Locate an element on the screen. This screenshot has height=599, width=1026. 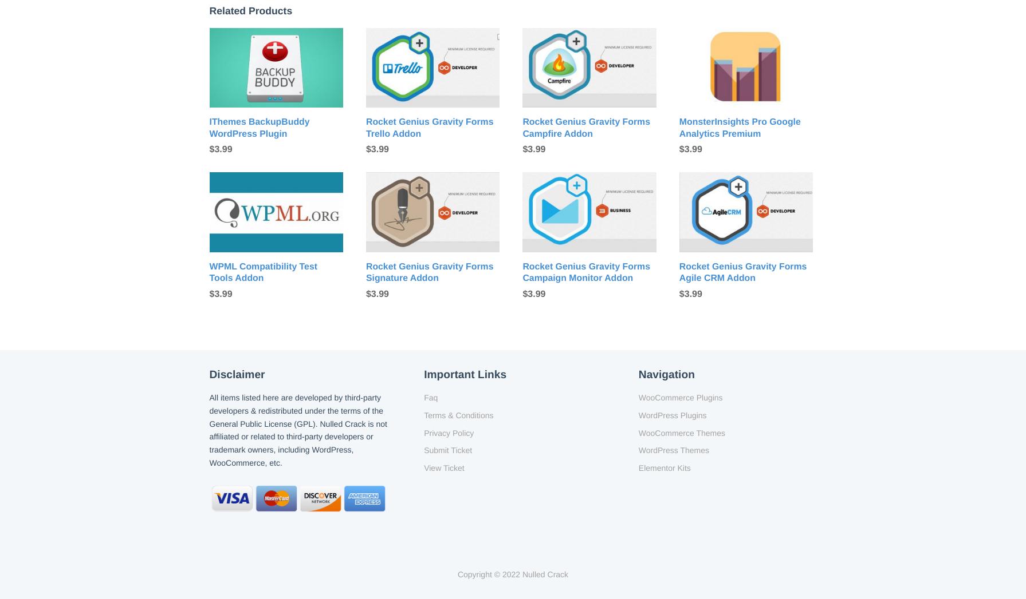
'Important Links' is located at coordinates (465, 374).